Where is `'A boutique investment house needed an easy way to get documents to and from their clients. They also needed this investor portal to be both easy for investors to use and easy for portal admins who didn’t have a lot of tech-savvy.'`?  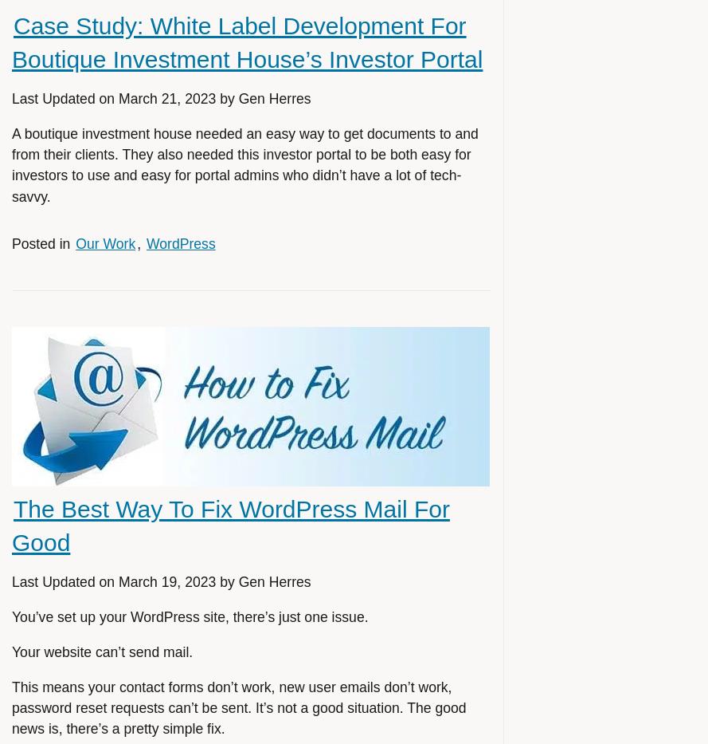
'A boutique investment house needed an easy way to get documents to and from their clients. They also needed this investor portal to be both easy for investors to use and easy for portal admins who didn’t have a lot of tech-savvy.' is located at coordinates (244, 164).